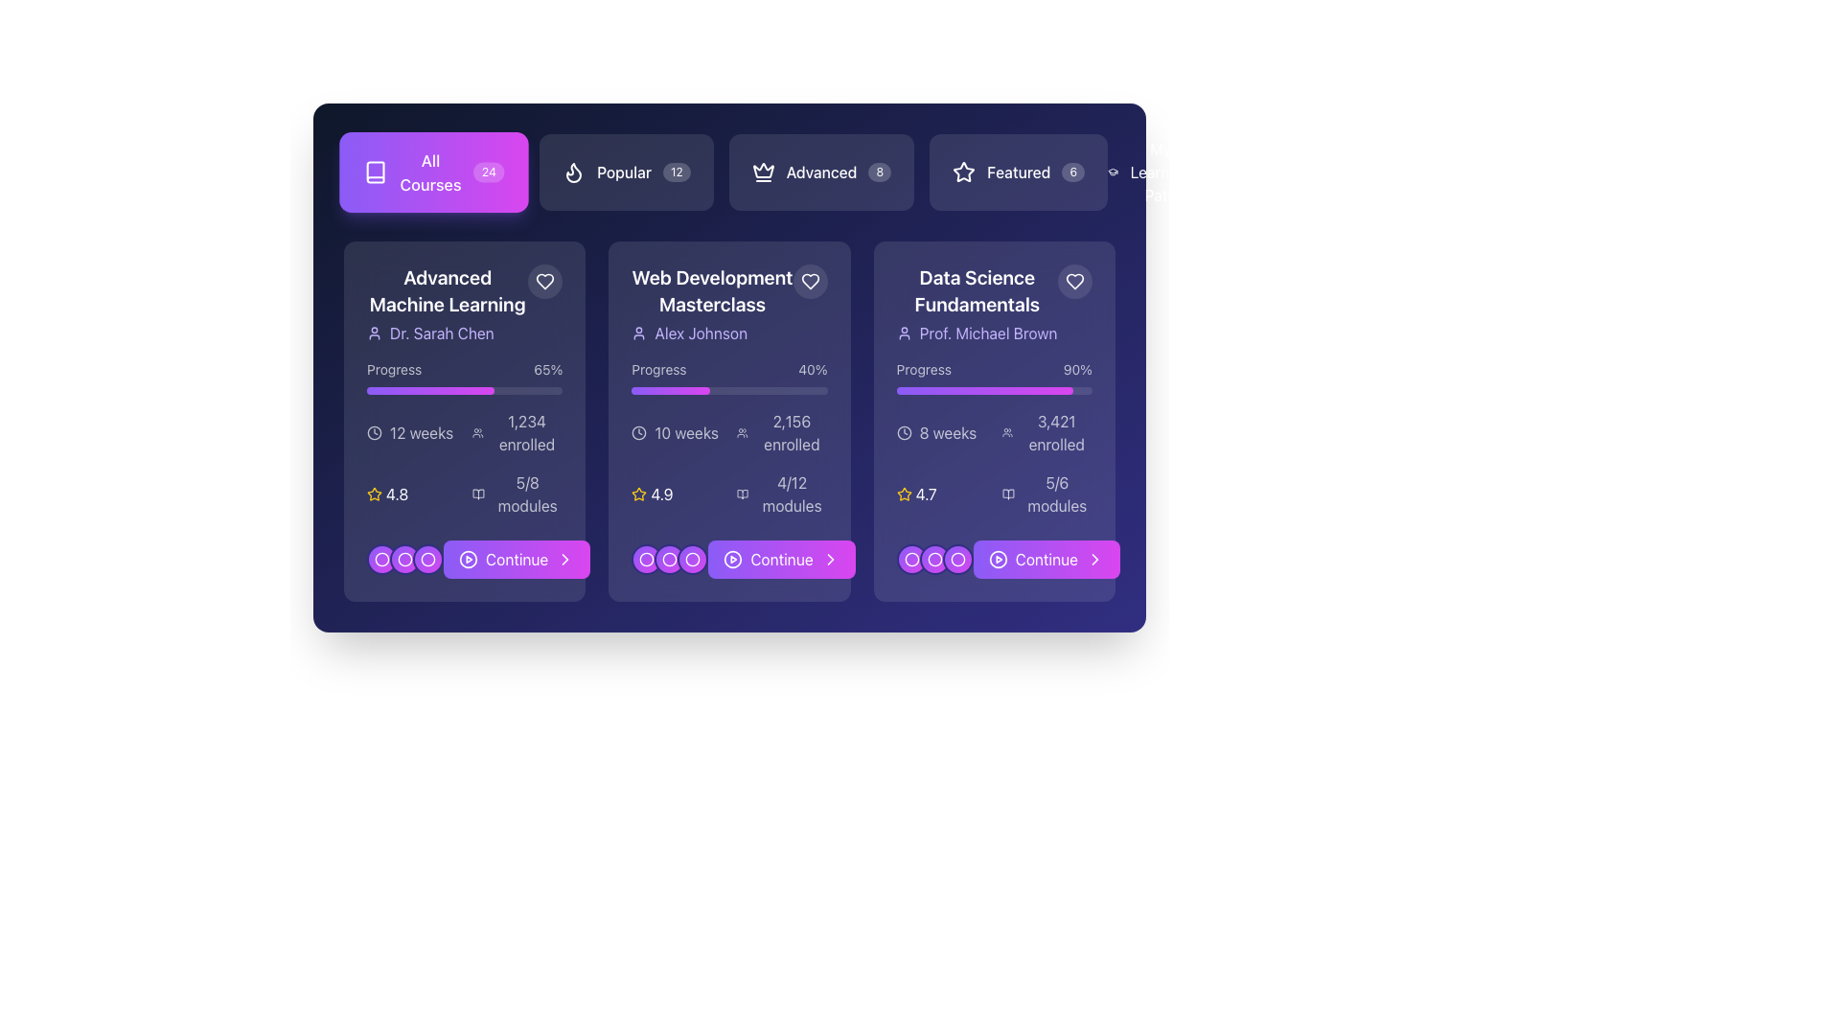 This screenshot has height=1035, width=1840. I want to click on the text label reading 'Progress' located in the upper section of the second card, directly to the left of the percentage indicator '40%', so click(658, 369).